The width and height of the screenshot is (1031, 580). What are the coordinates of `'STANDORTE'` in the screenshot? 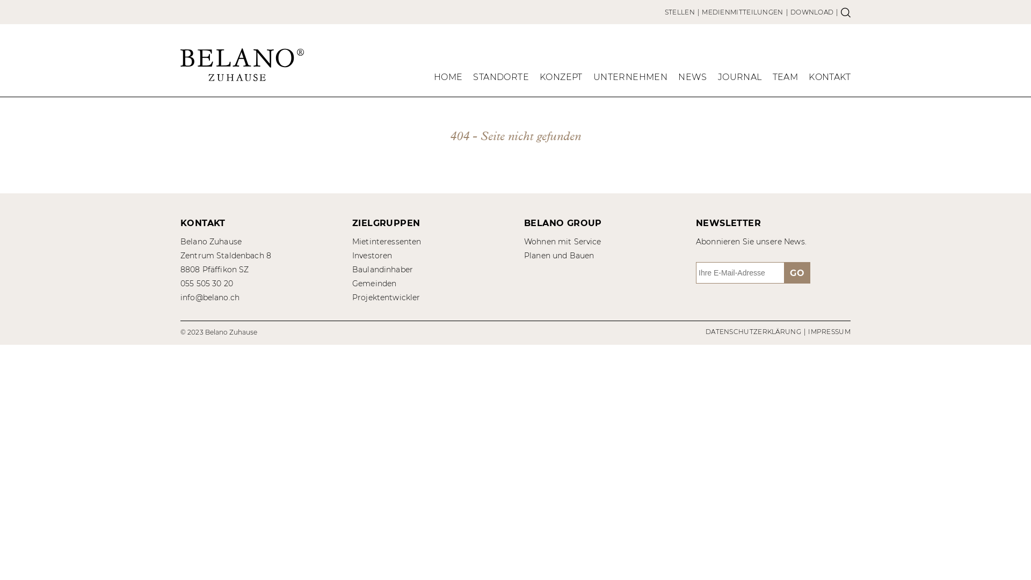 It's located at (500, 78).